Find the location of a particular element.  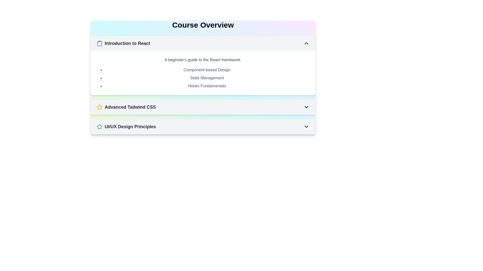

the star-shaped icon with a yellow fill and stroke outline, located on the left side of the row labeled 'Advanced Tailwind CSS' is located at coordinates (99, 107).